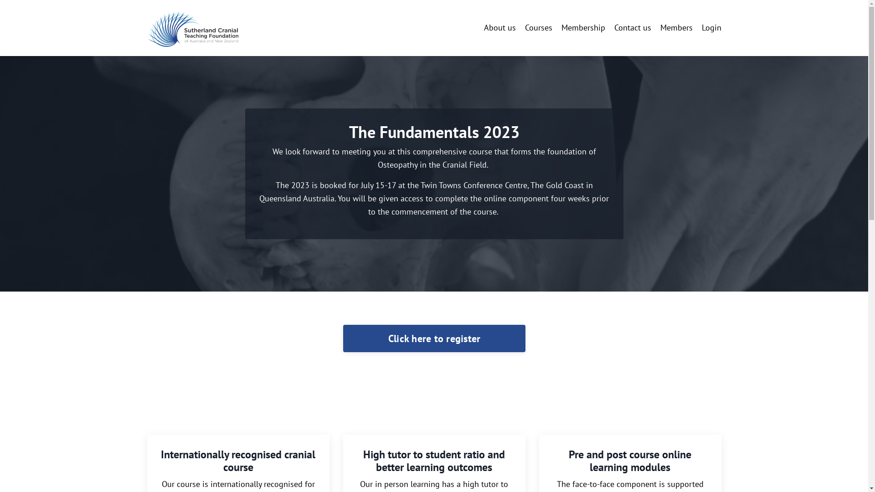  What do you see at coordinates (538, 27) in the screenshot?
I see `'Courses'` at bounding box center [538, 27].